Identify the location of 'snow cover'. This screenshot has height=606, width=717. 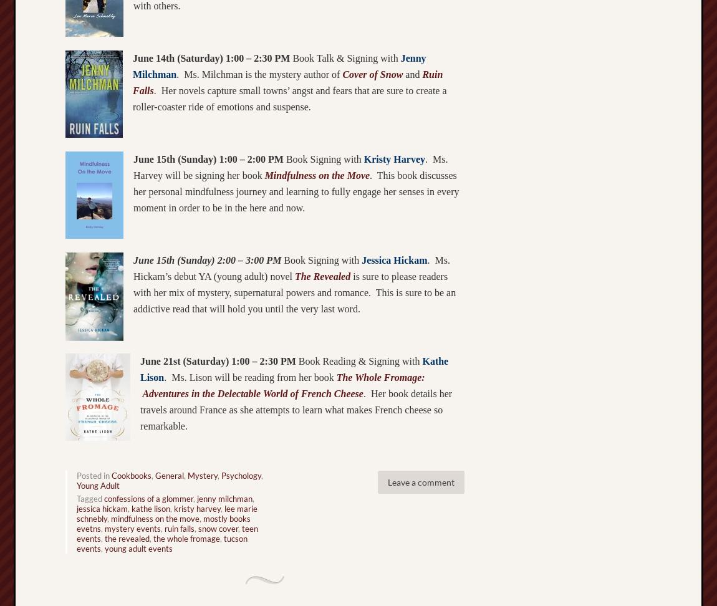
(218, 527).